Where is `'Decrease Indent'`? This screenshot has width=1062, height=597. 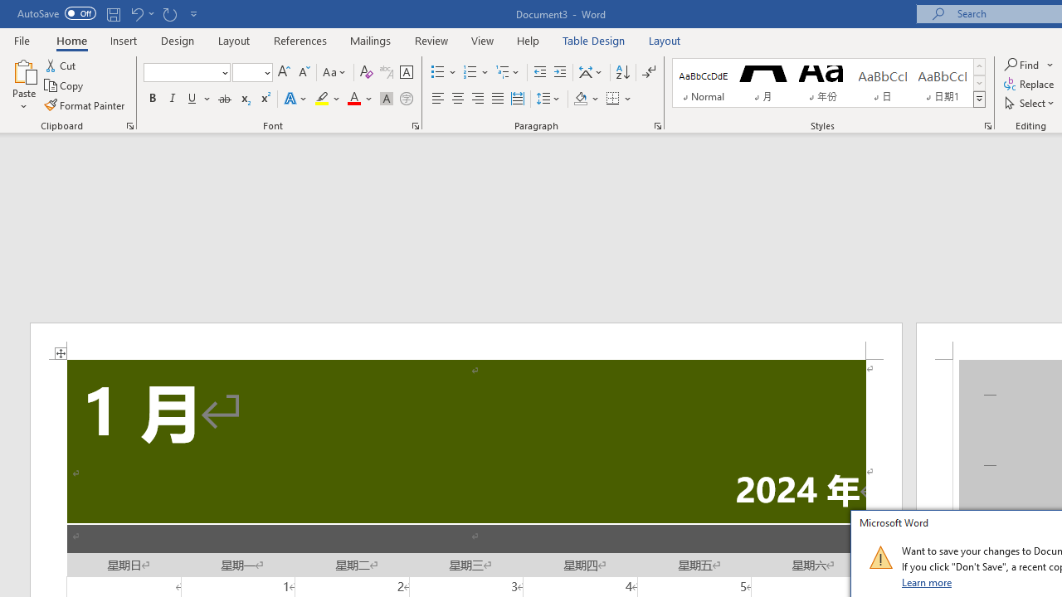 'Decrease Indent' is located at coordinates (539, 71).